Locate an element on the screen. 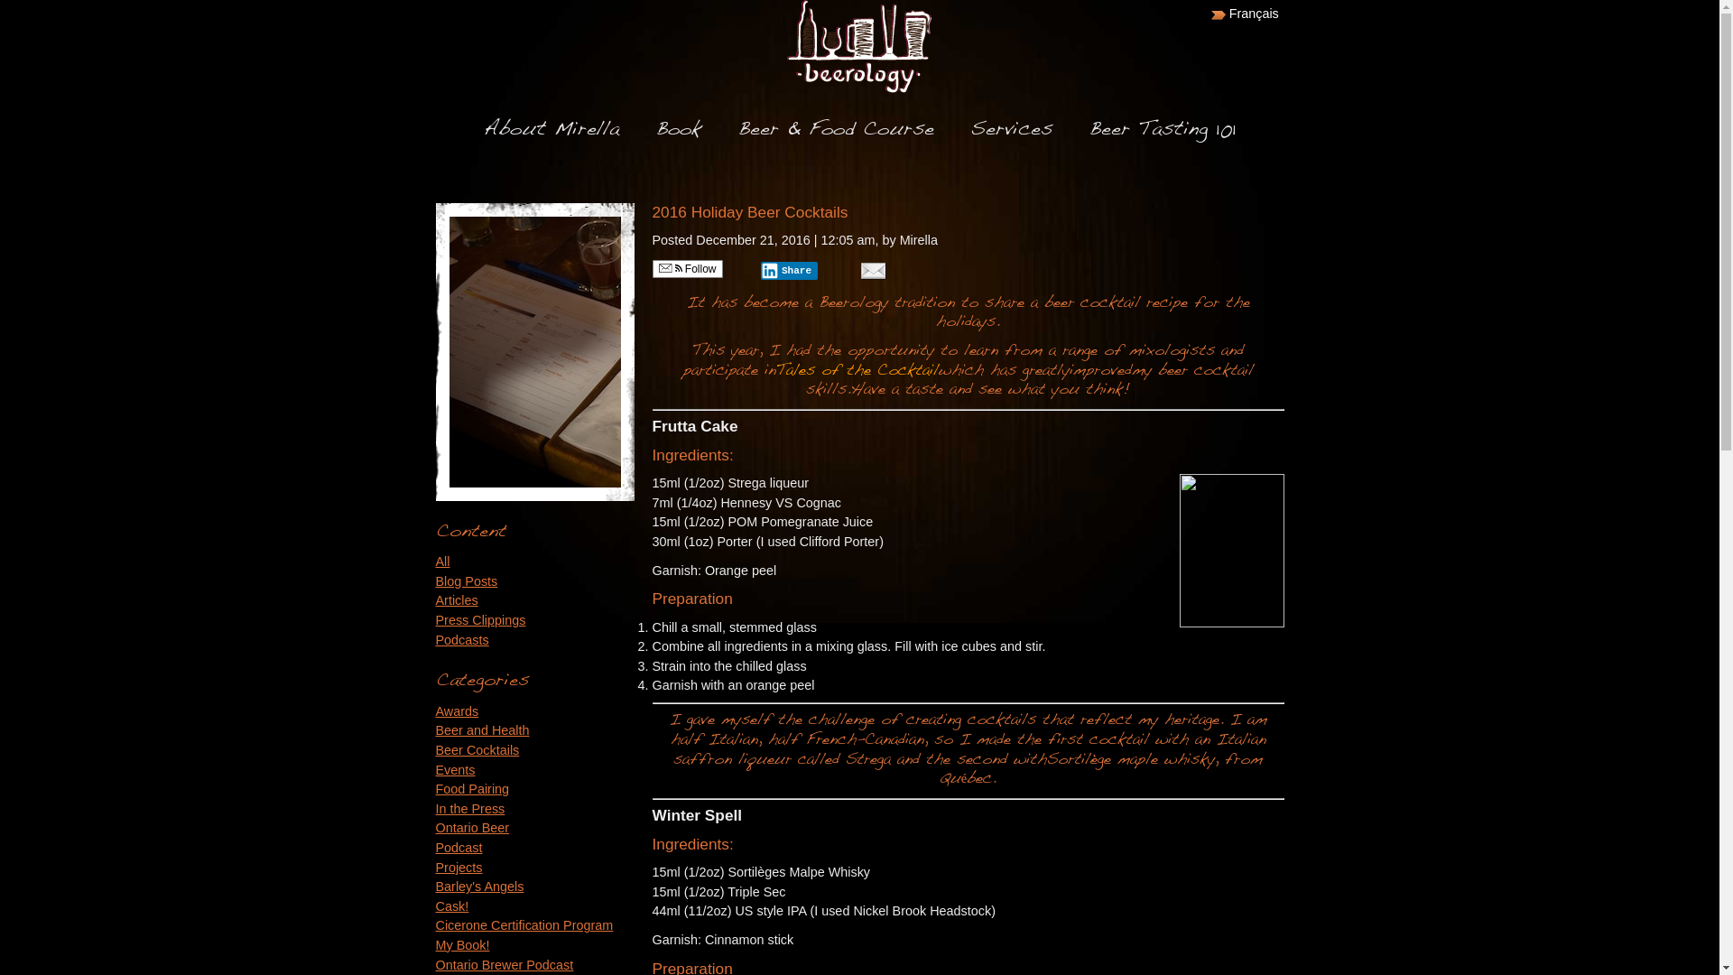  'Articles' is located at coordinates (434, 599).